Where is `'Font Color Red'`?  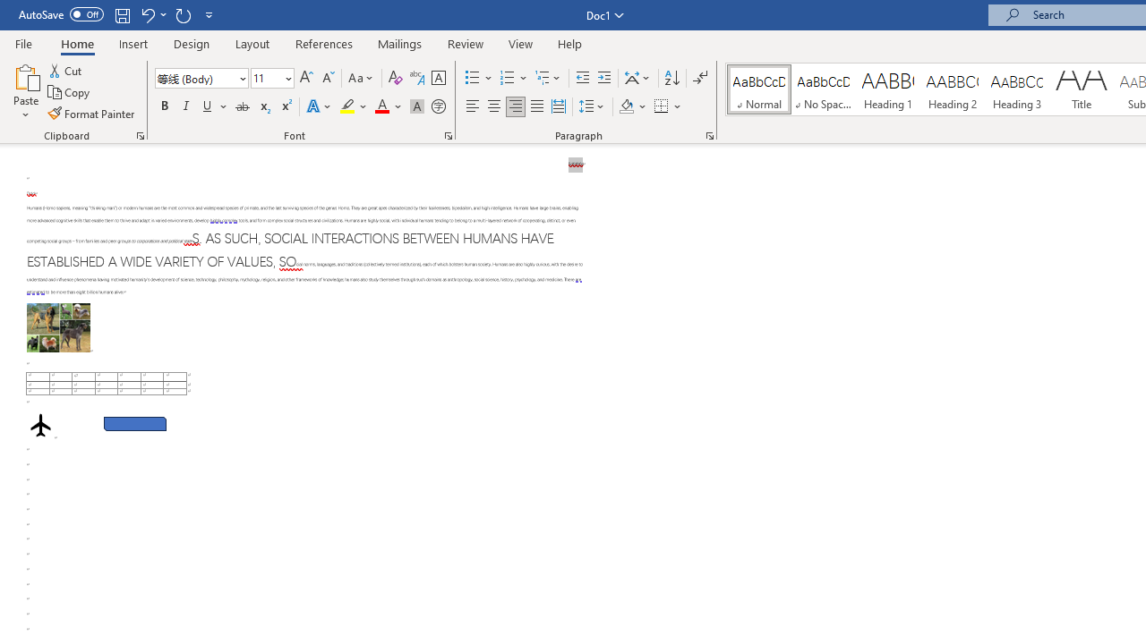 'Font Color Red' is located at coordinates (381, 106).